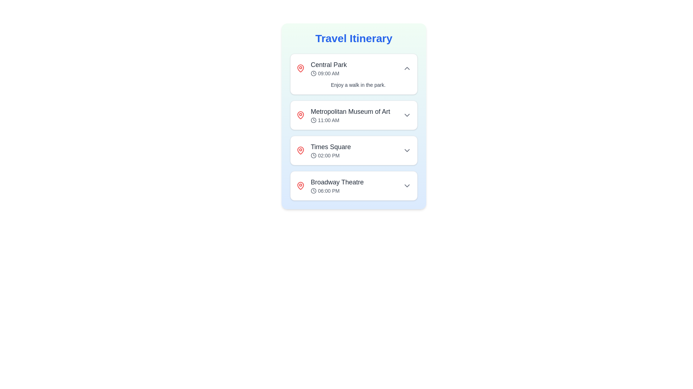 The image size is (693, 389). I want to click on the Text element displaying 'Times Square' and '02:00 PM' in the third item of the vertically listed itinerary, so click(330, 150).